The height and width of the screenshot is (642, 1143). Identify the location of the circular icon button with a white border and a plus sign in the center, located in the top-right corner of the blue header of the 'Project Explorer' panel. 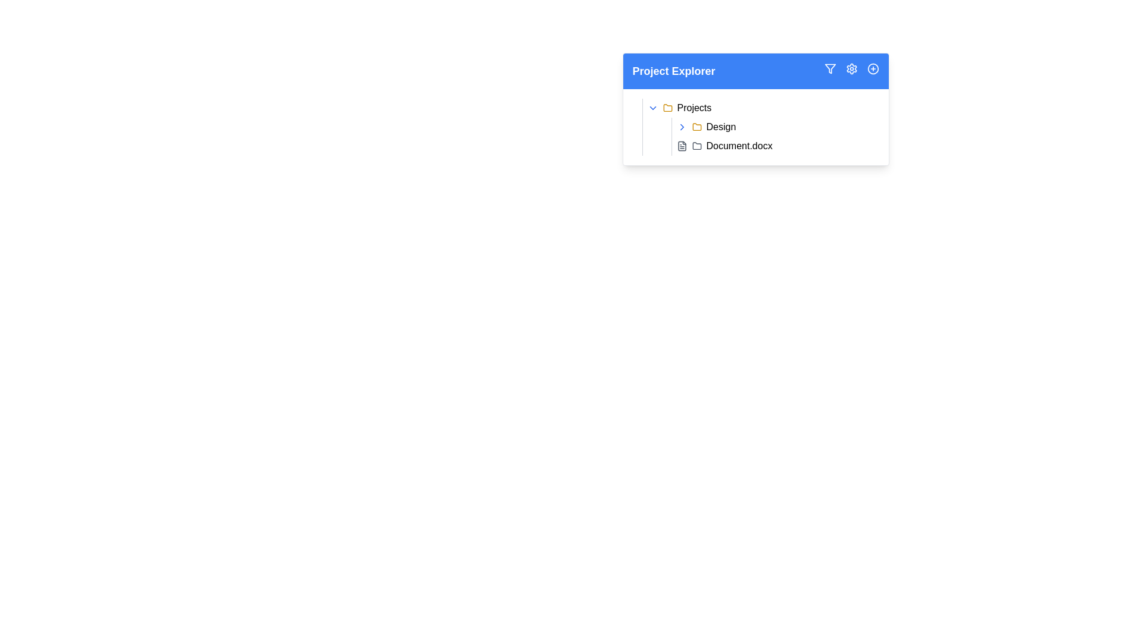
(873, 68).